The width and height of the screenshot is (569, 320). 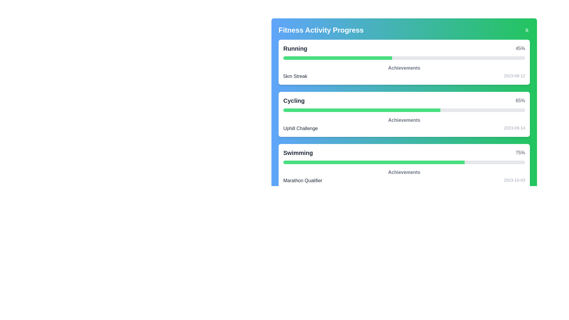 What do you see at coordinates (404, 114) in the screenshot?
I see `the progress tracker for the fitness activity labeled 'Cycling'` at bounding box center [404, 114].